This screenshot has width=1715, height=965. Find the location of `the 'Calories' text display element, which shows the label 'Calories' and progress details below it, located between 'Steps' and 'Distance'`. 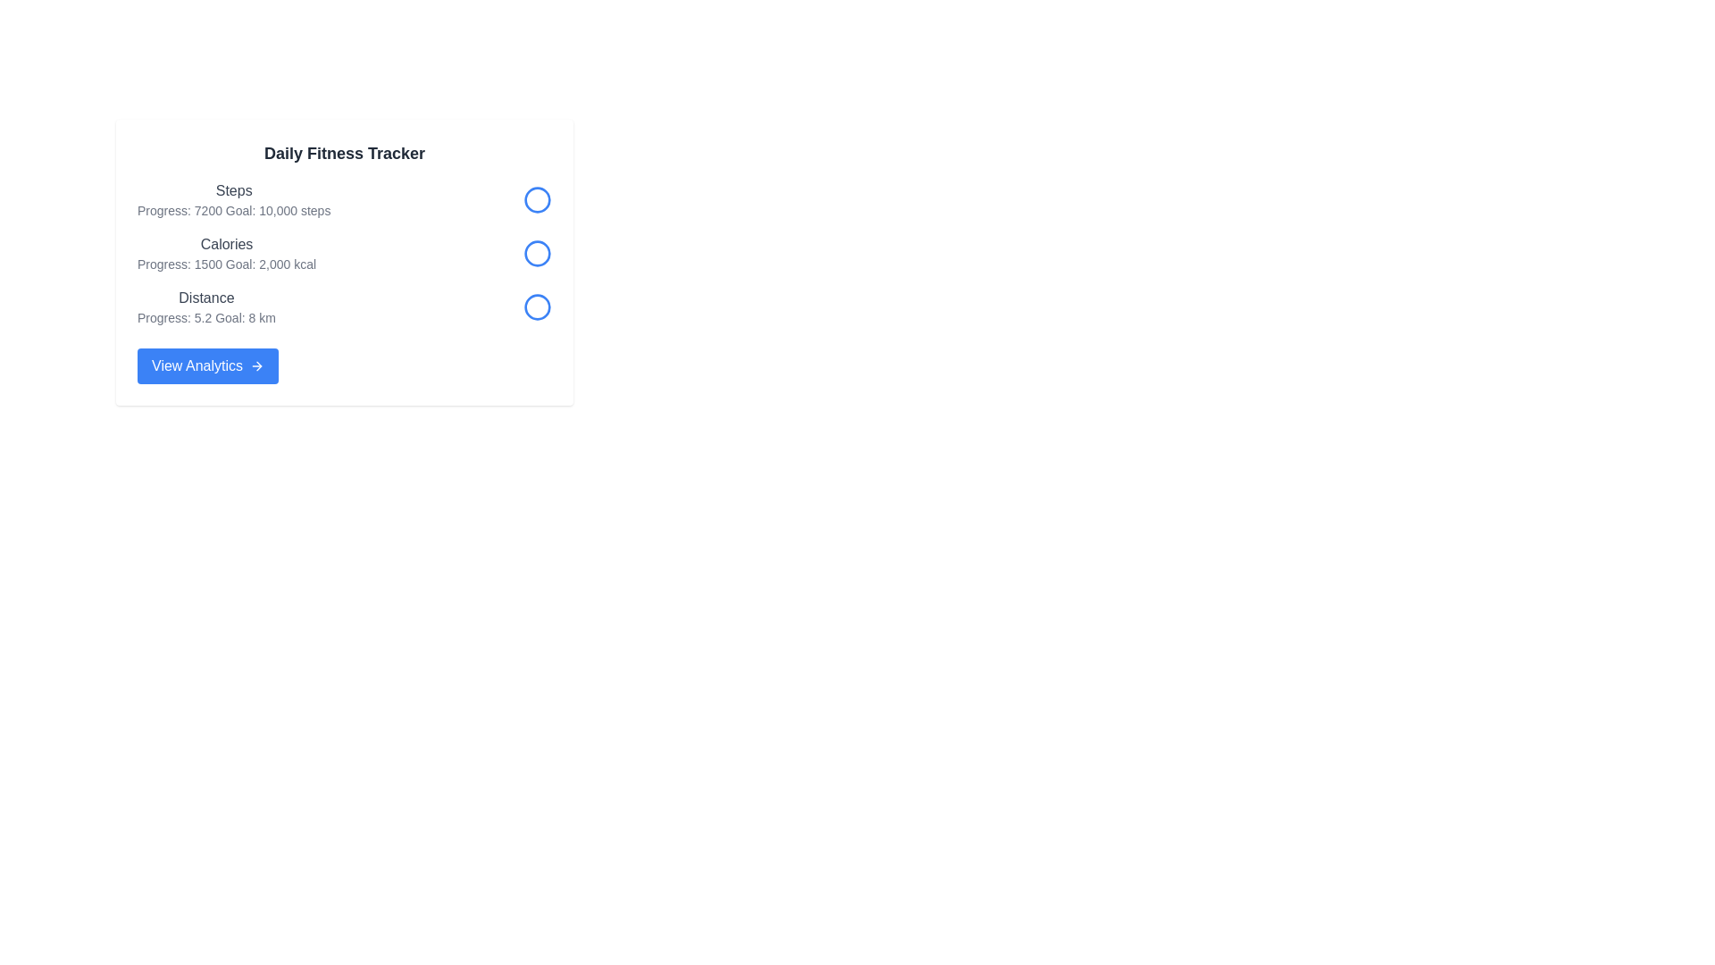

the 'Calories' text display element, which shows the label 'Calories' and progress details below it, located between 'Steps' and 'Distance' is located at coordinates (226, 254).